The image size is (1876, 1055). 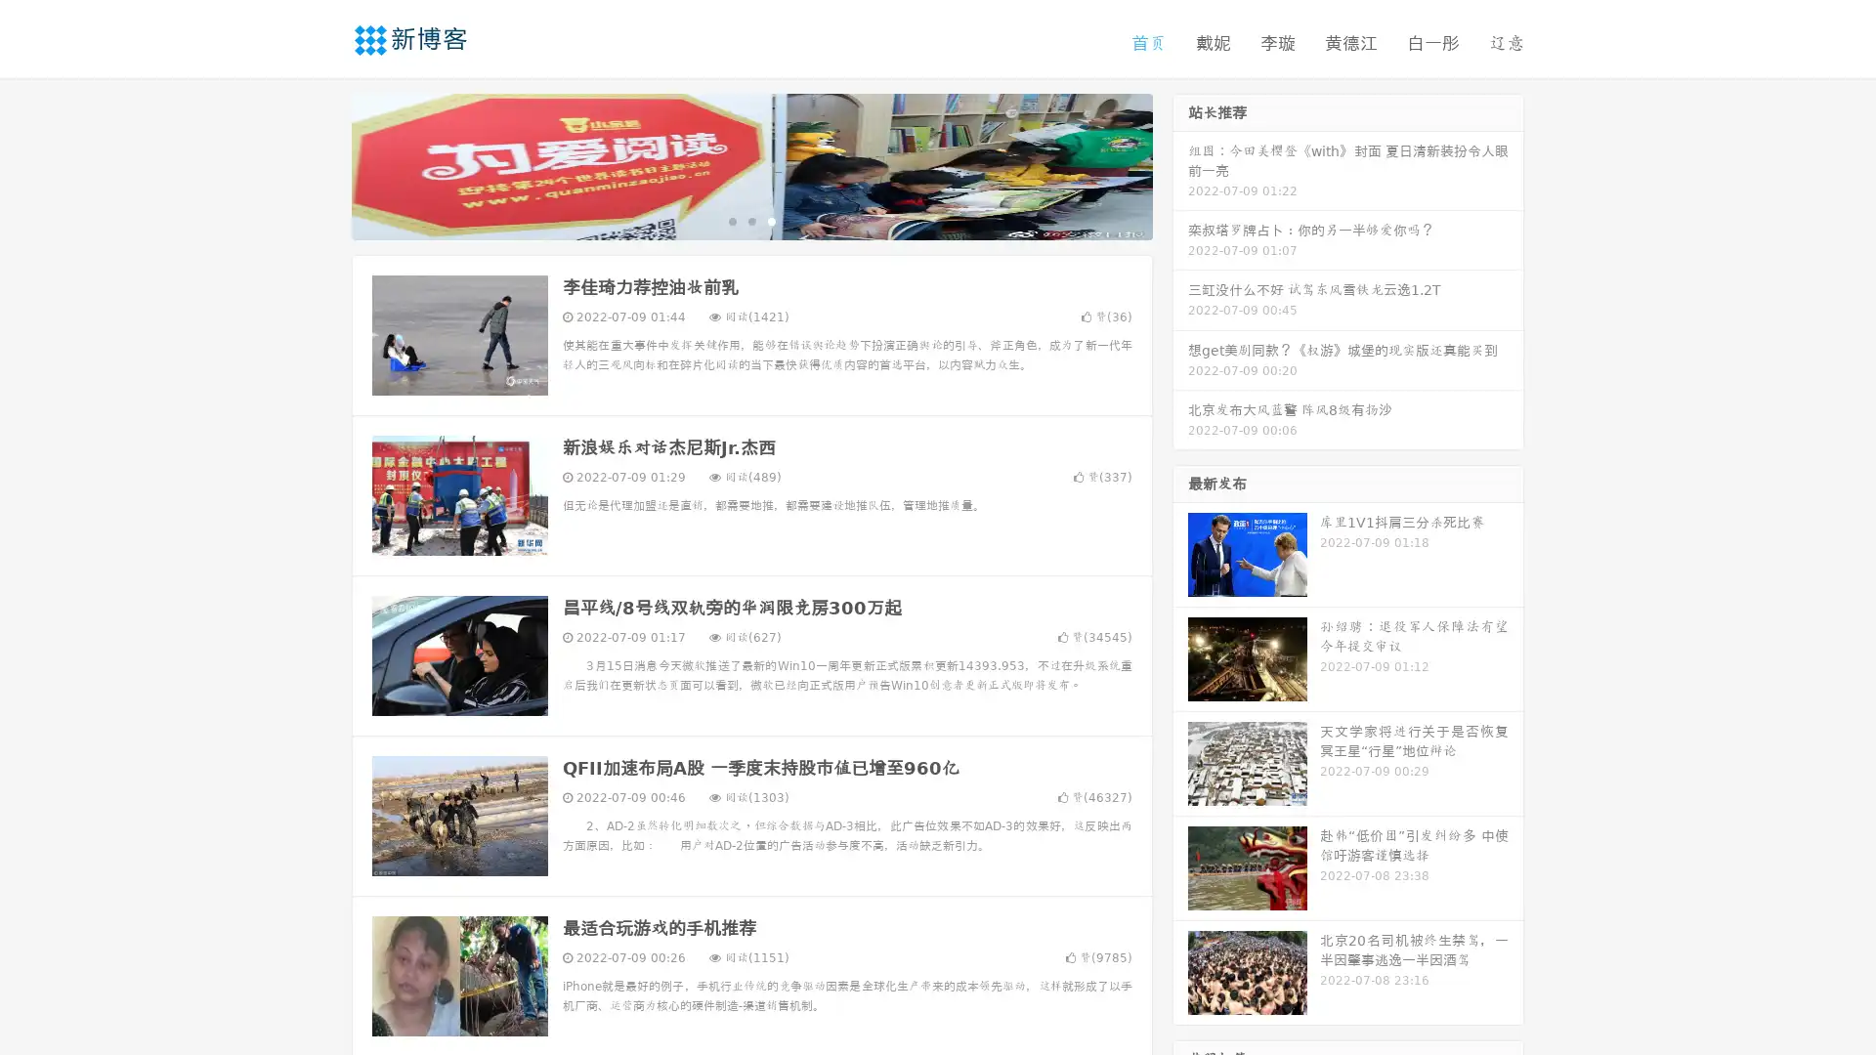 I want to click on Go to slide 2, so click(x=750, y=220).